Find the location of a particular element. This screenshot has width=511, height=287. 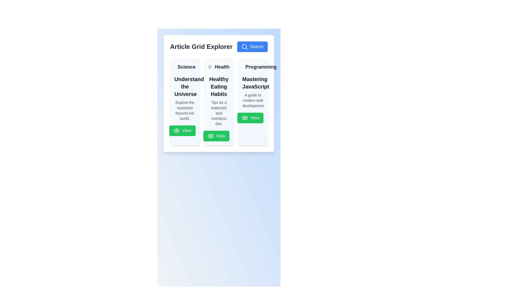

the search button located at the top-right corner next to the text 'Article Grid Explorer' to initiate a search action is located at coordinates (252, 47).